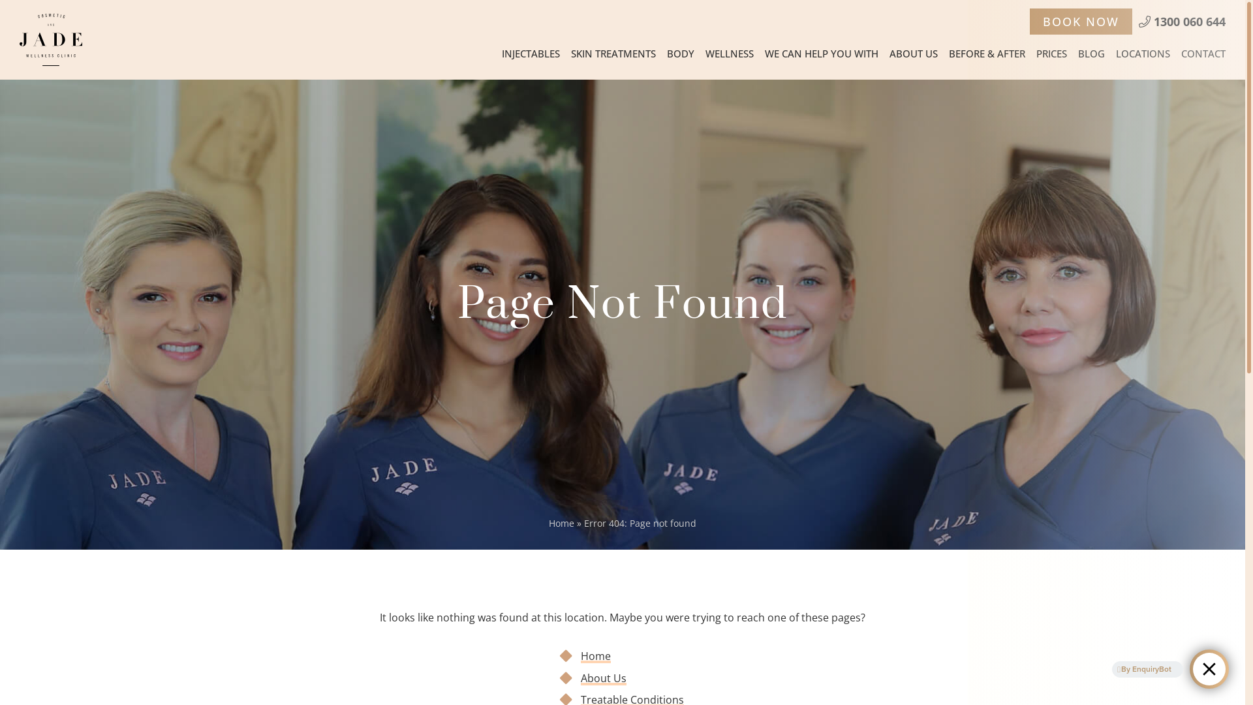 The image size is (1253, 705). What do you see at coordinates (548, 522) in the screenshot?
I see `'Home'` at bounding box center [548, 522].